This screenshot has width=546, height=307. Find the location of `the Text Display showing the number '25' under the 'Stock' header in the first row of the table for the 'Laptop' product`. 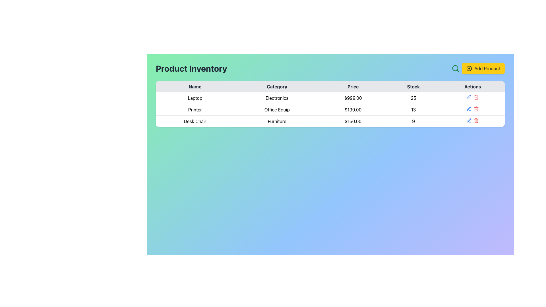

the Text Display showing the number '25' under the 'Stock' header in the first row of the table for the 'Laptop' product is located at coordinates (413, 98).